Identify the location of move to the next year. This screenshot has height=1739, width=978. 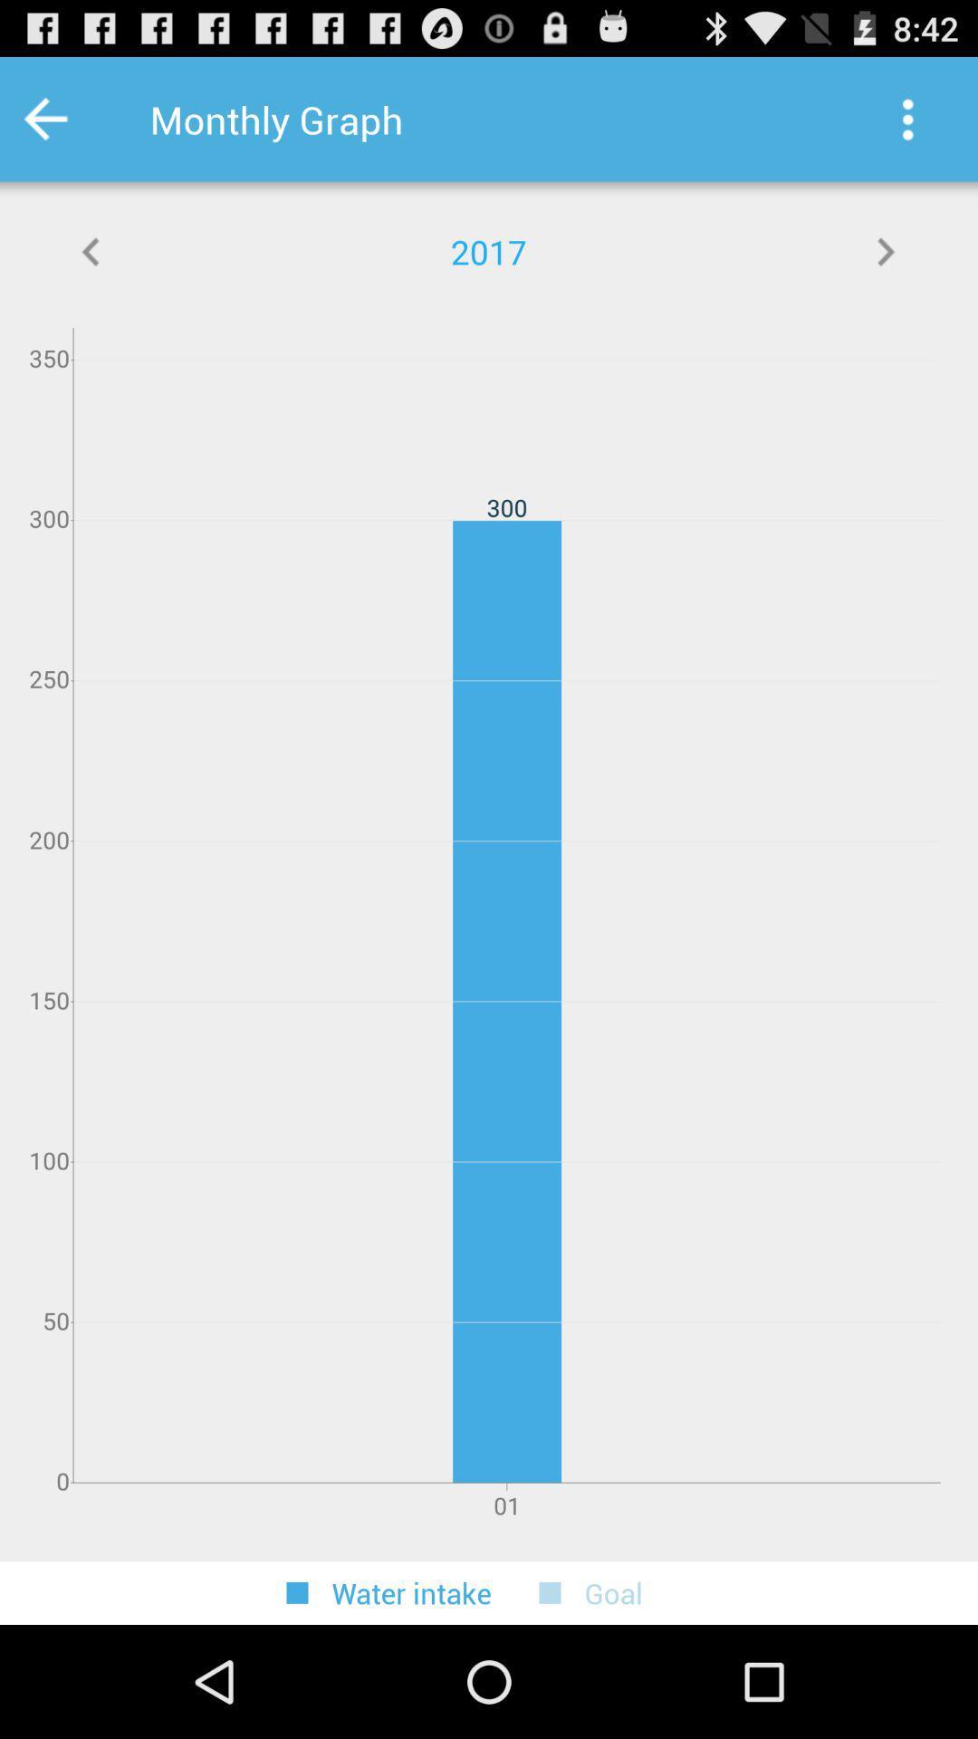
(885, 251).